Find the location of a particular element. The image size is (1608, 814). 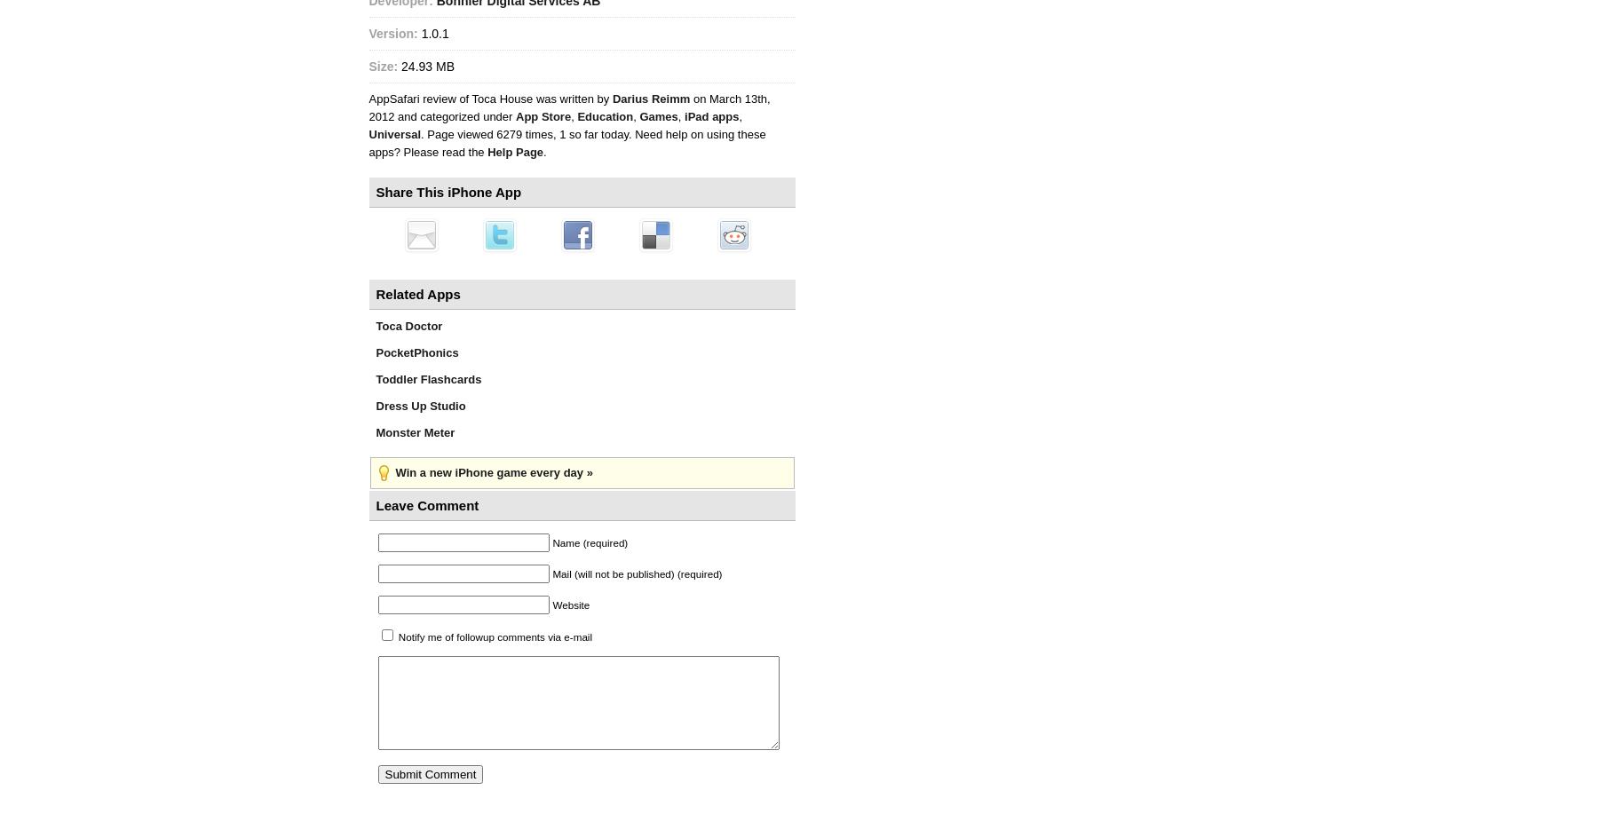

'App Store' is located at coordinates (514, 116).